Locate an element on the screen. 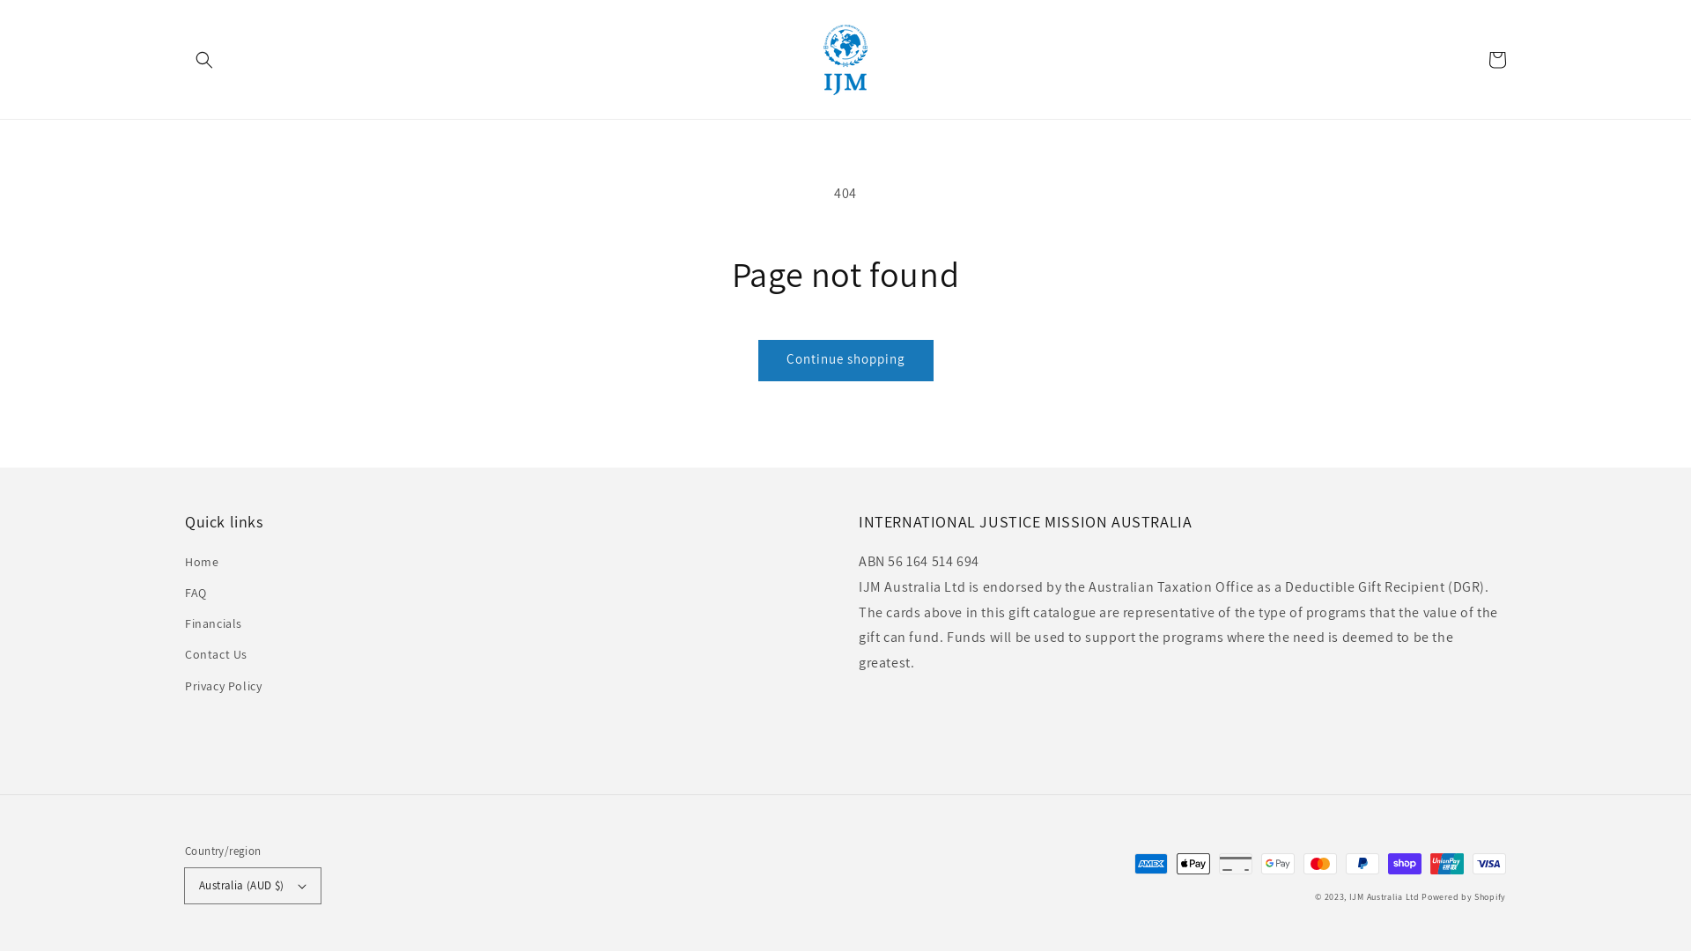 The width and height of the screenshot is (1691, 951). 'Australia (AUD $)' is located at coordinates (252, 886).